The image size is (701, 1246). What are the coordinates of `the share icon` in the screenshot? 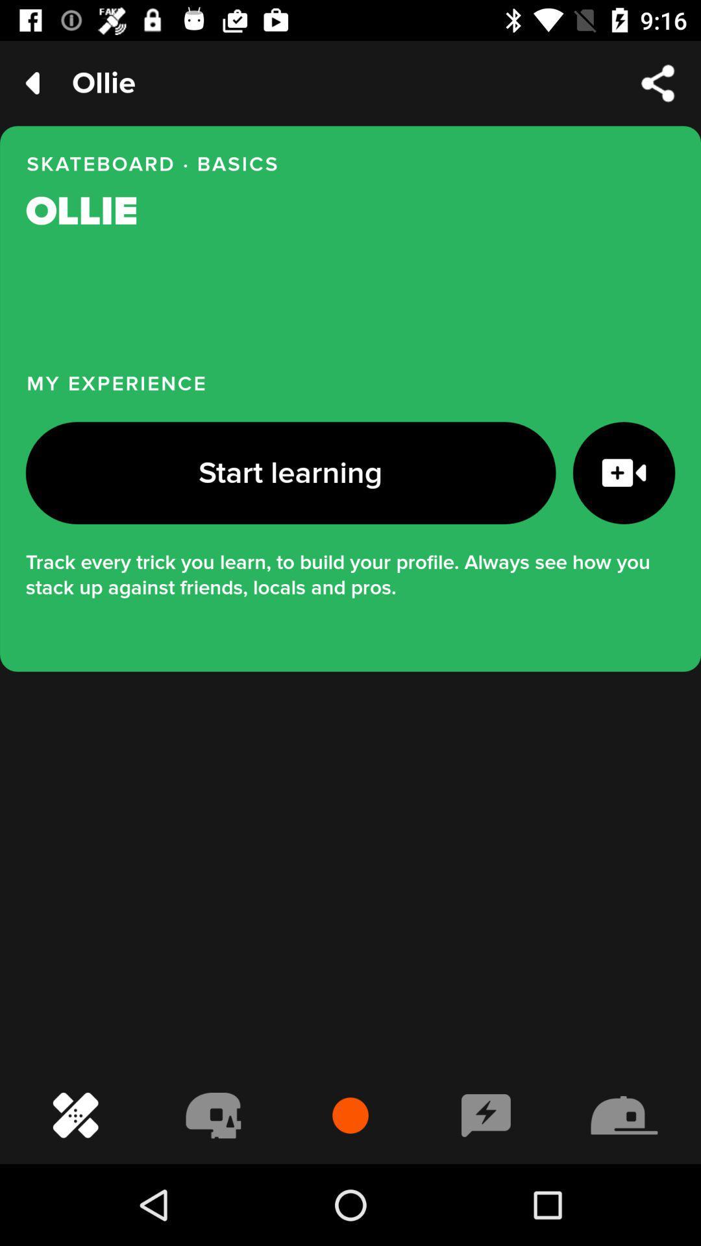 It's located at (658, 82).